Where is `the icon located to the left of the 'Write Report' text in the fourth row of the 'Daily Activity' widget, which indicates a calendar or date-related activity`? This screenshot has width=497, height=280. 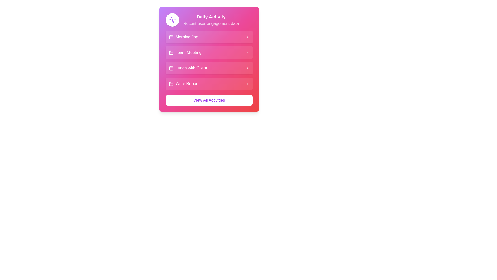 the icon located to the left of the 'Write Report' text in the fourth row of the 'Daily Activity' widget, which indicates a calendar or date-related activity is located at coordinates (171, 83).